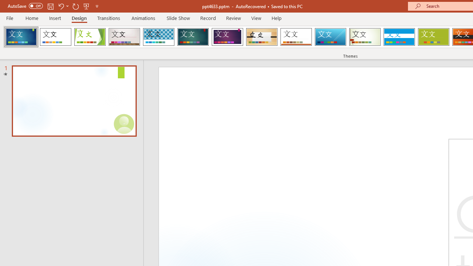 Image resolution: width=473 pixels, height=266 pixels. What do you see at coordinates (68, 6) in the screenshot?
I see `'More Options'` at bounding box center [68, 6].